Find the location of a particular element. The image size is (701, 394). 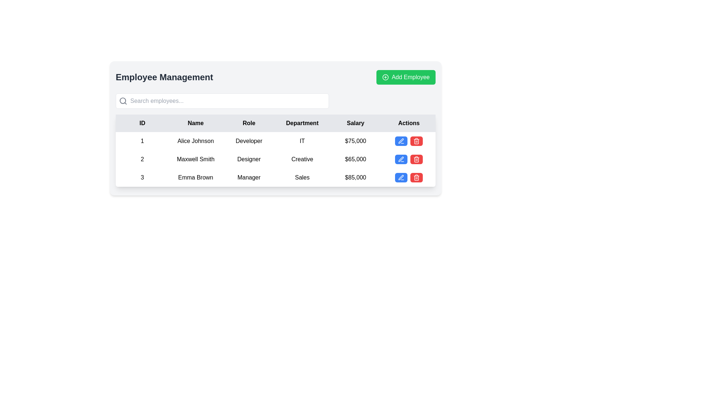

the text label displaying the number '3' in the bottom row of the table under the 'ID' column, which corresponds to 'Emma Brown' is located at coordinates (142, 177).